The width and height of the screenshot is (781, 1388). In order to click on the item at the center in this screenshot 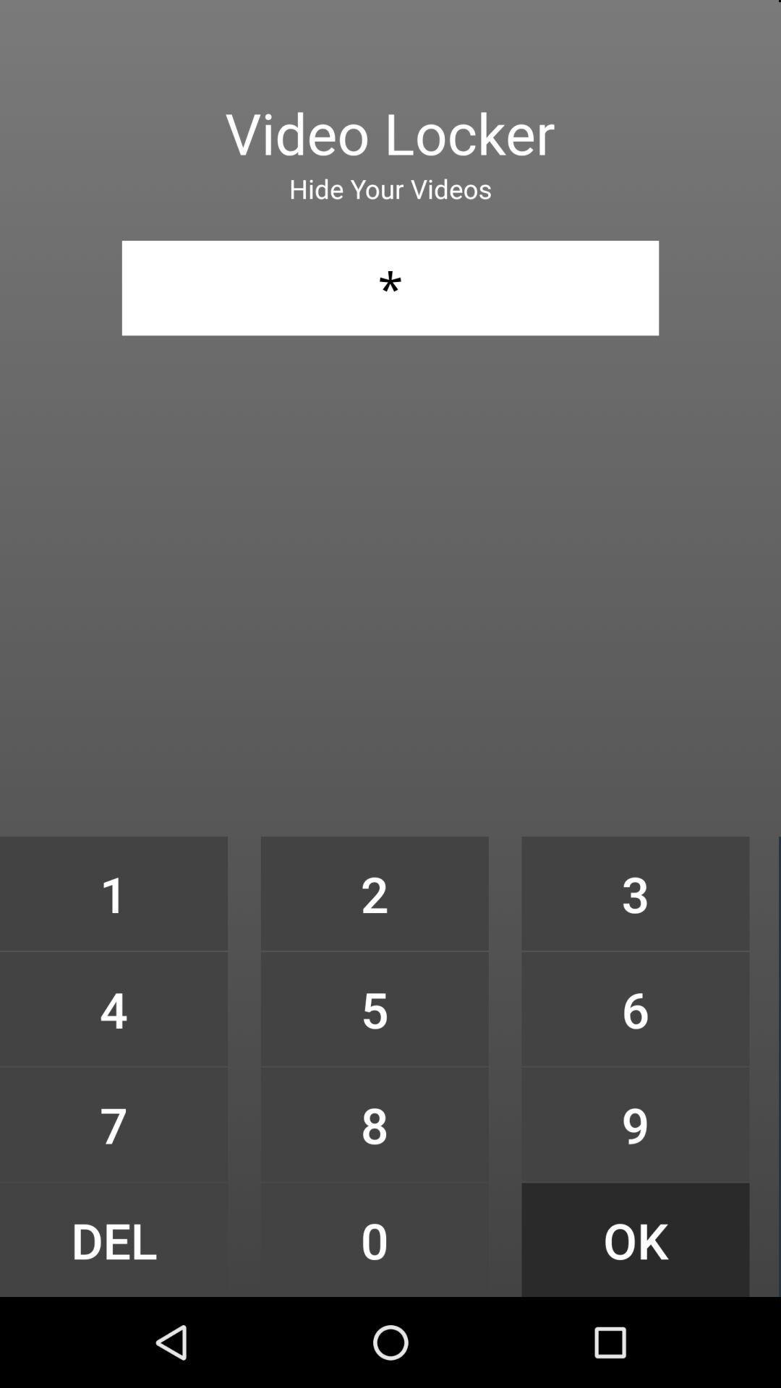, I will do `click(374, 893)`.